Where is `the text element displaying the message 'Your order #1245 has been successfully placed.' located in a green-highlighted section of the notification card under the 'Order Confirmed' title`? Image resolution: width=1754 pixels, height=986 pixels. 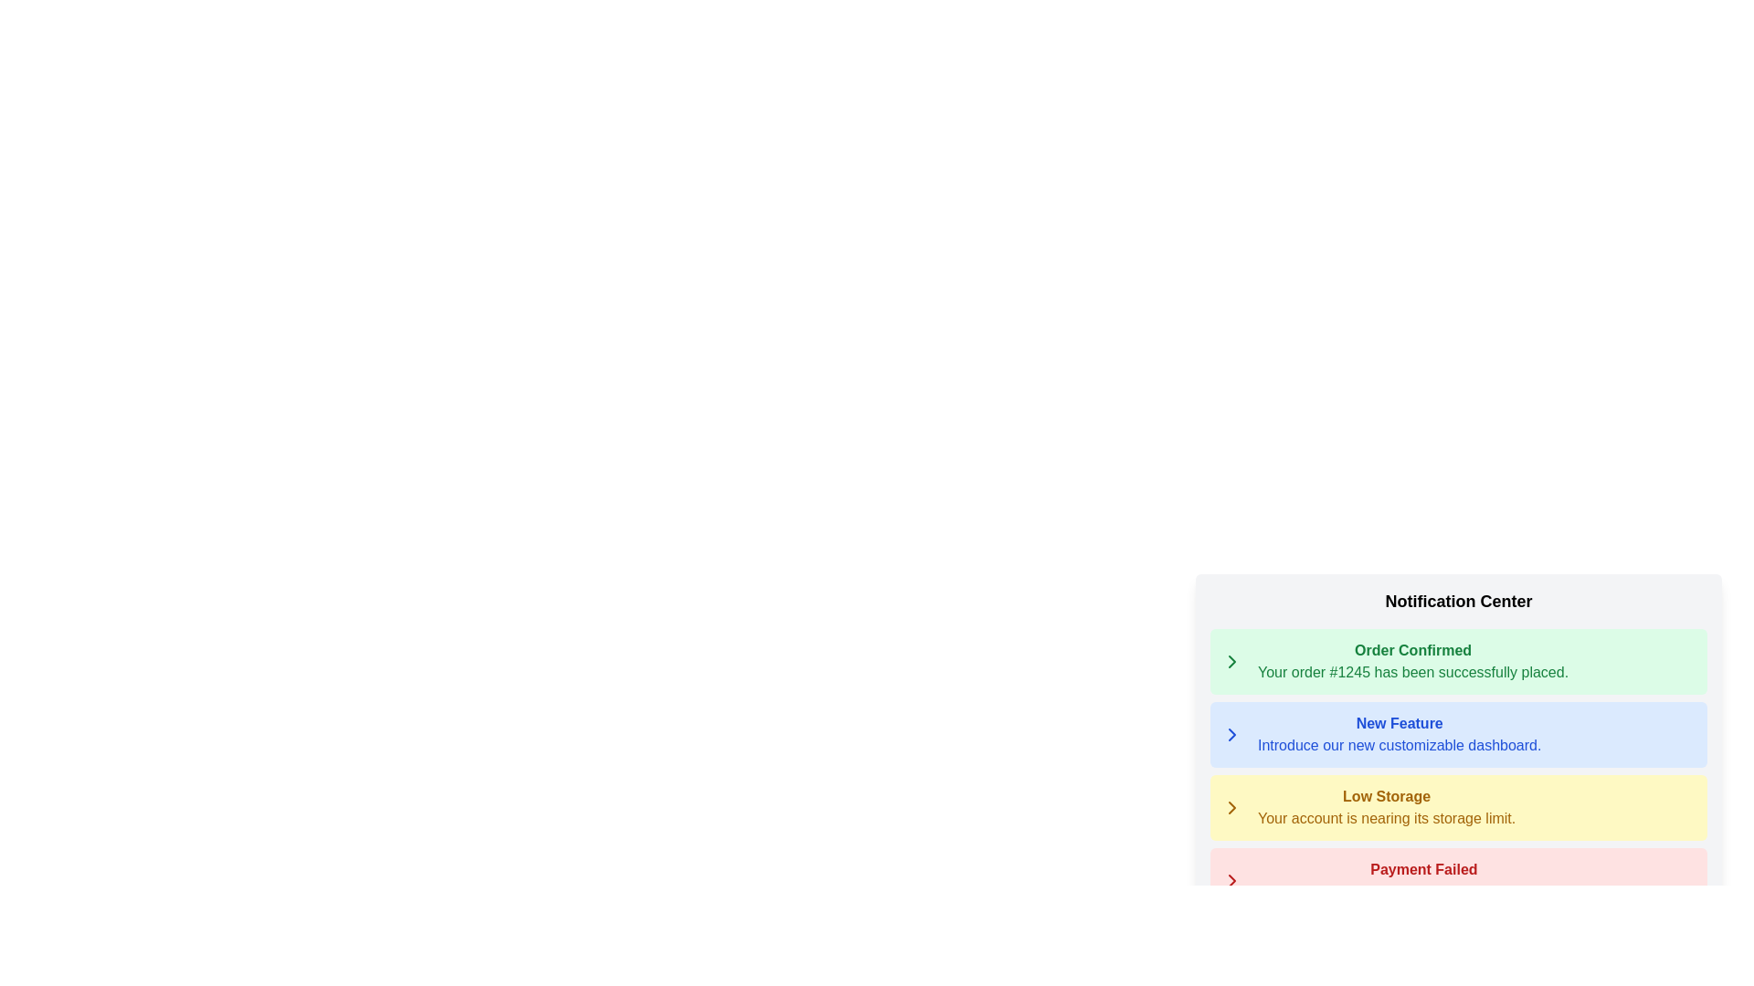
the text element displaying the message 'Your order #1245 has been successfully placed.' located in a green-highlighted section of the notification card under the 'Order Confirmed' title is located at coordinates (1411, 672).